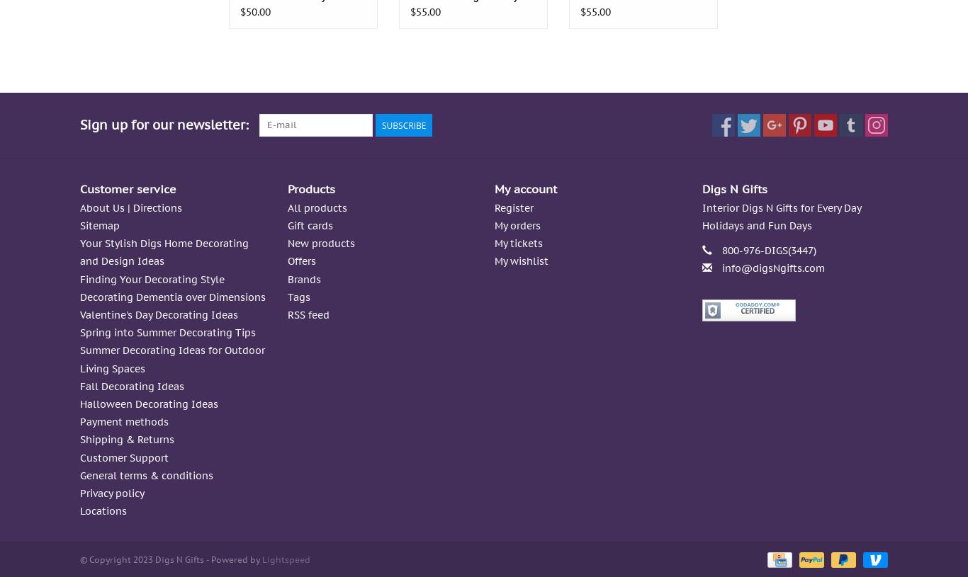 This screenshot has width=968, height=577. Describe the element at coordinates (145, 474) in the screenshot. I see `'General terms & conditions'` at that location.